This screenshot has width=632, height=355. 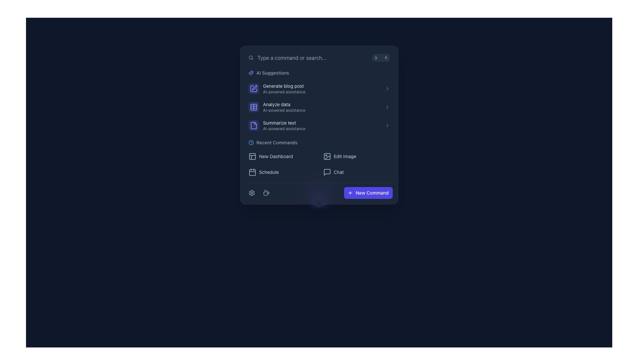 What do you see at coordinates (251, 192) in the screenshot?
I see `the settings gear icon, which is a light gray, hollow design with six teeth, located at the bottom-left corner of the modal interface` at bounding box center [251, 192].